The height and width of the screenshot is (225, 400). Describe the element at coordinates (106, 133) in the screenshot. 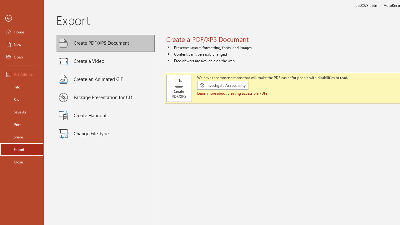

I see `'Change File Type'` at that location.